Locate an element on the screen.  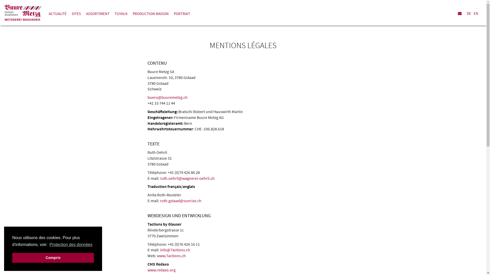
'SITES' is located at coordinates (76, 13).